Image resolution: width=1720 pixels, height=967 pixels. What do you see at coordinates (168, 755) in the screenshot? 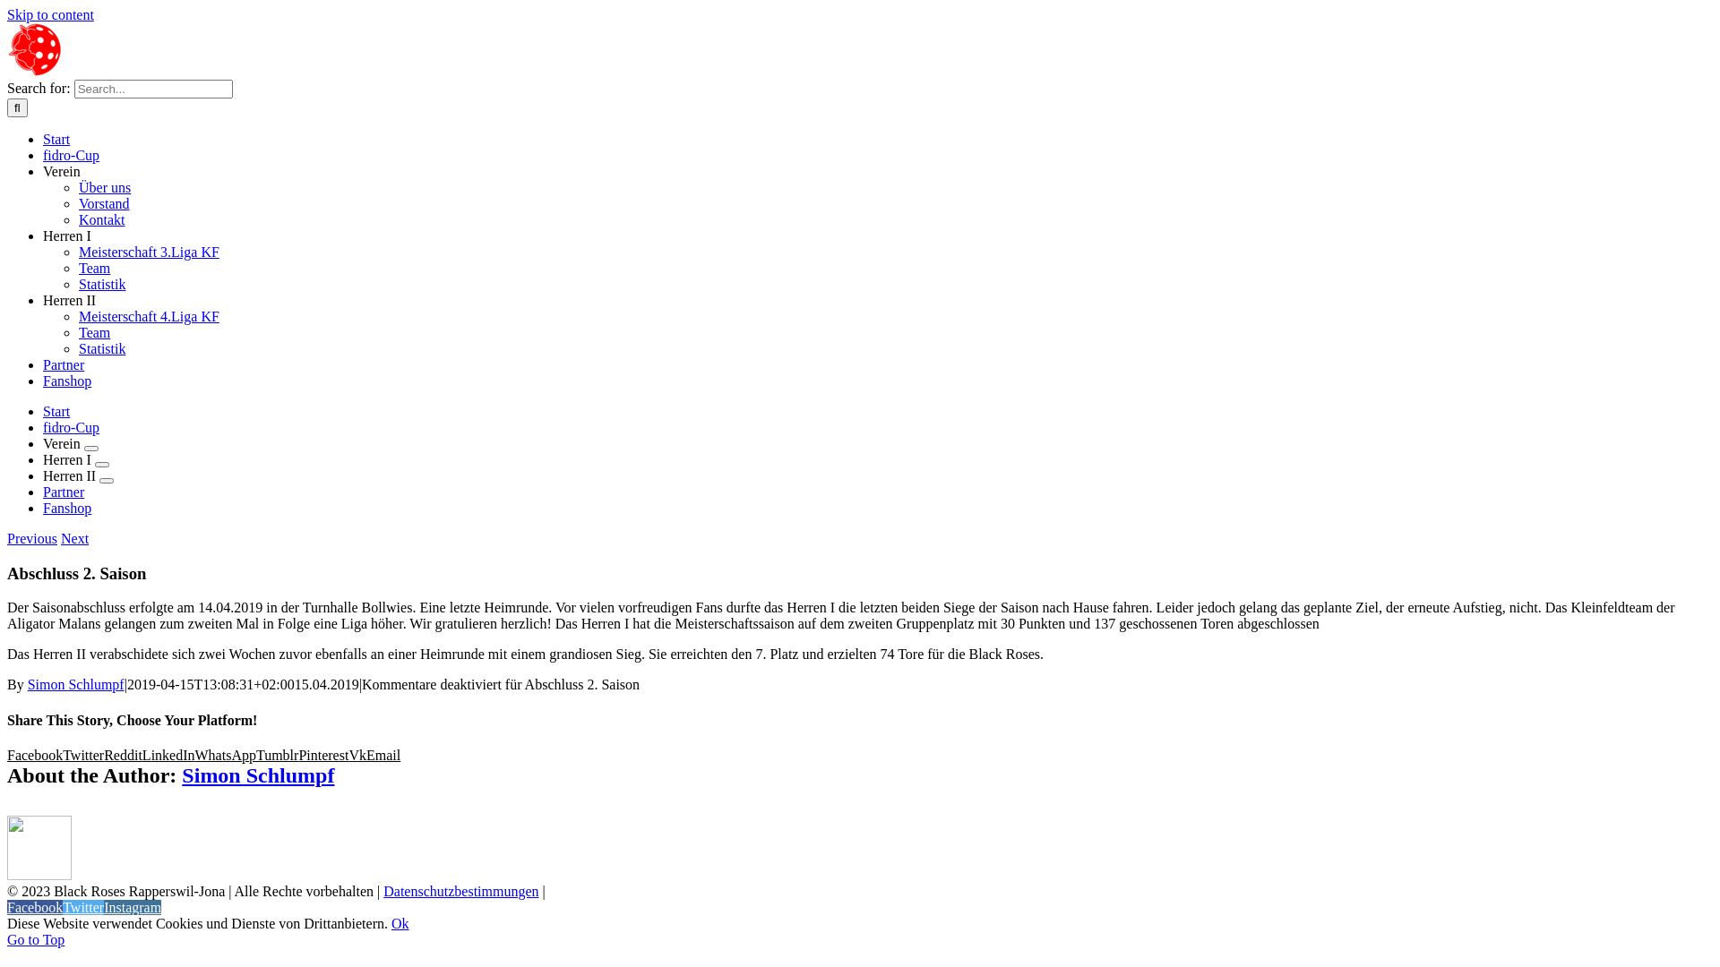
I see `'LinkedIn'` at bounding box center [168, 755].